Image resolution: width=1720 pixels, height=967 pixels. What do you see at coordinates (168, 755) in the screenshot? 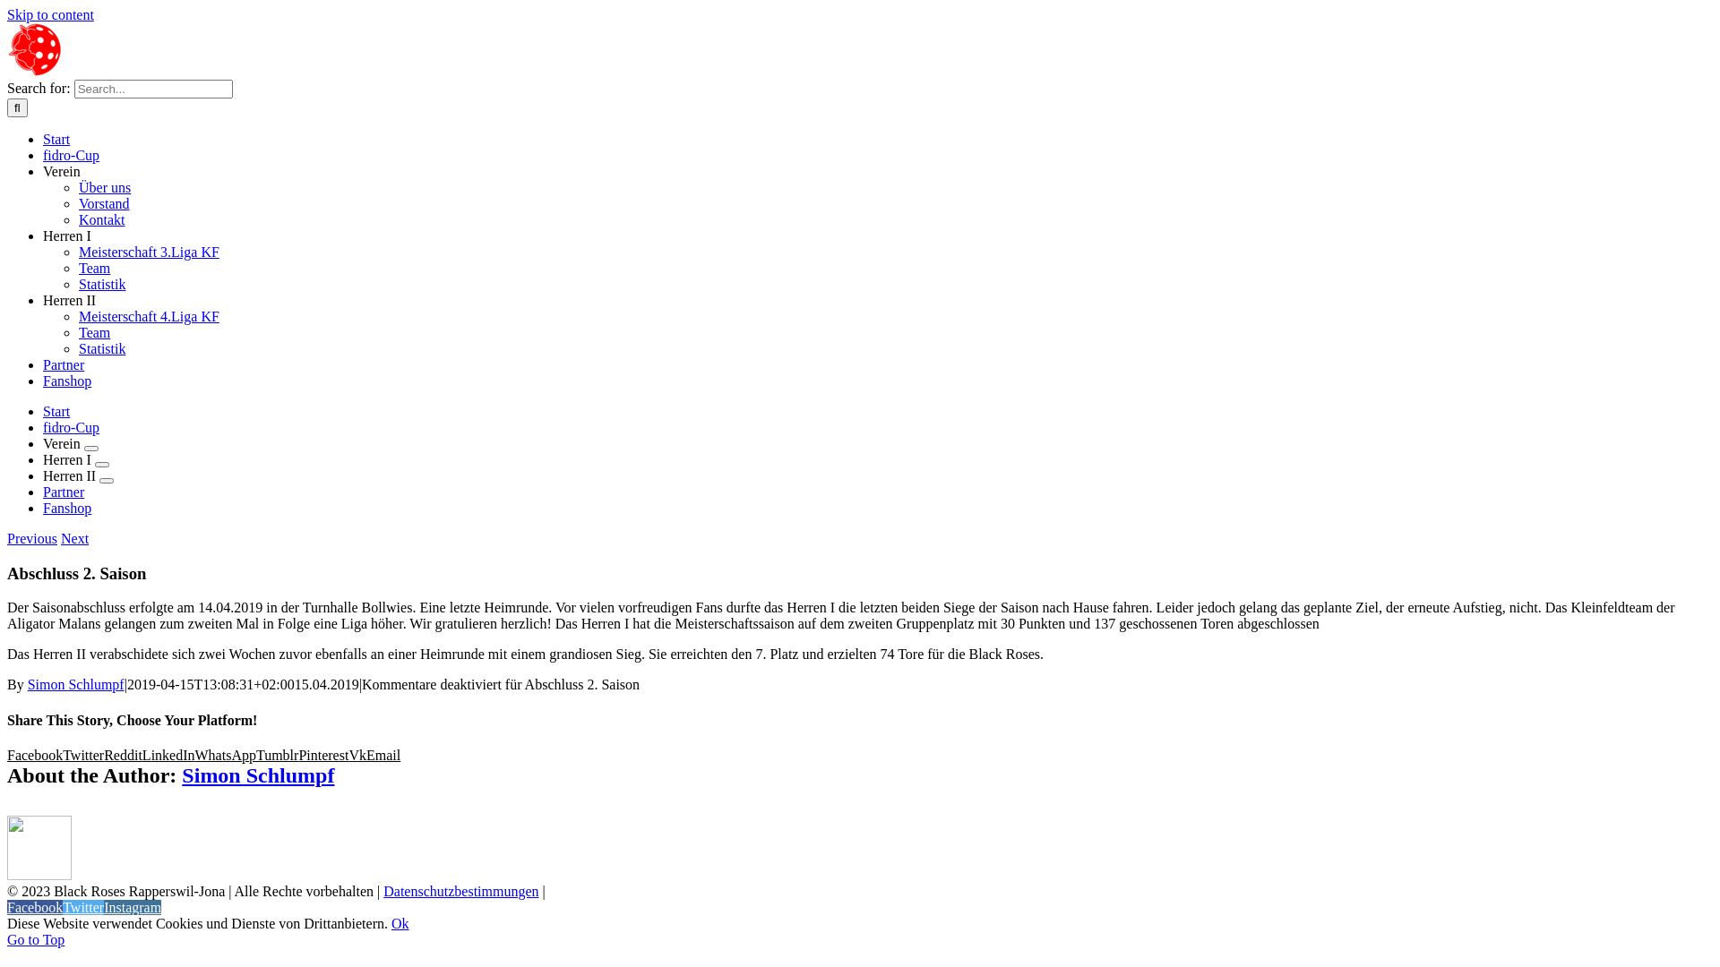
I see `'LinkedIn'` at bounding box center [168, 755].